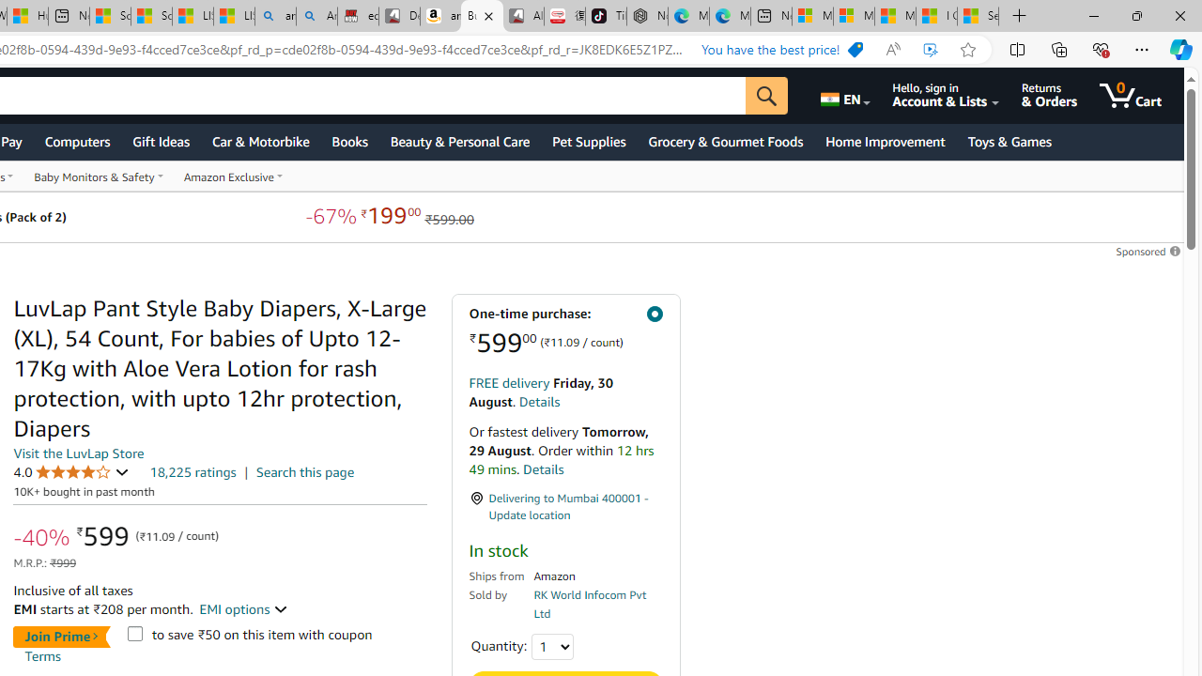 This screenshot has height=676, width=1202. Describe the element at coordinates (766, 95) in the screenshot. I see `'Go'` at that location.